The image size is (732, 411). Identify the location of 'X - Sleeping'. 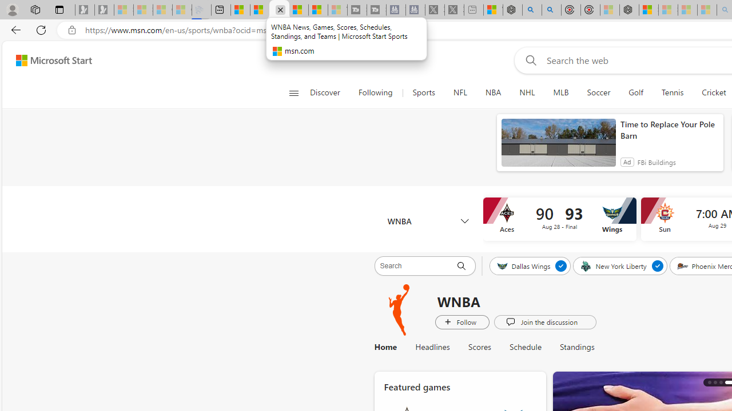
(453, 10).